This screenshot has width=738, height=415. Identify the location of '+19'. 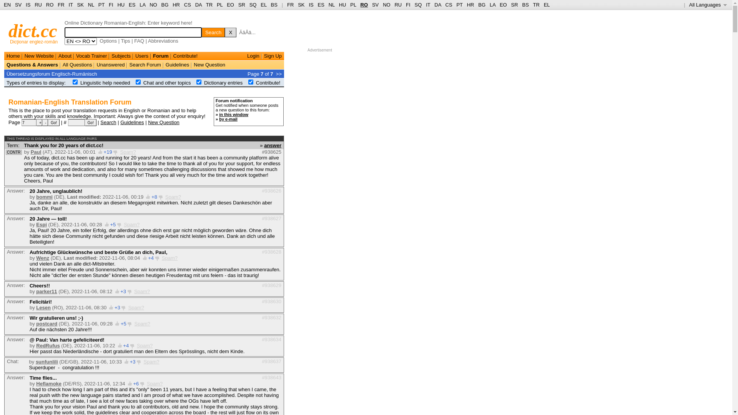
(108, 152).